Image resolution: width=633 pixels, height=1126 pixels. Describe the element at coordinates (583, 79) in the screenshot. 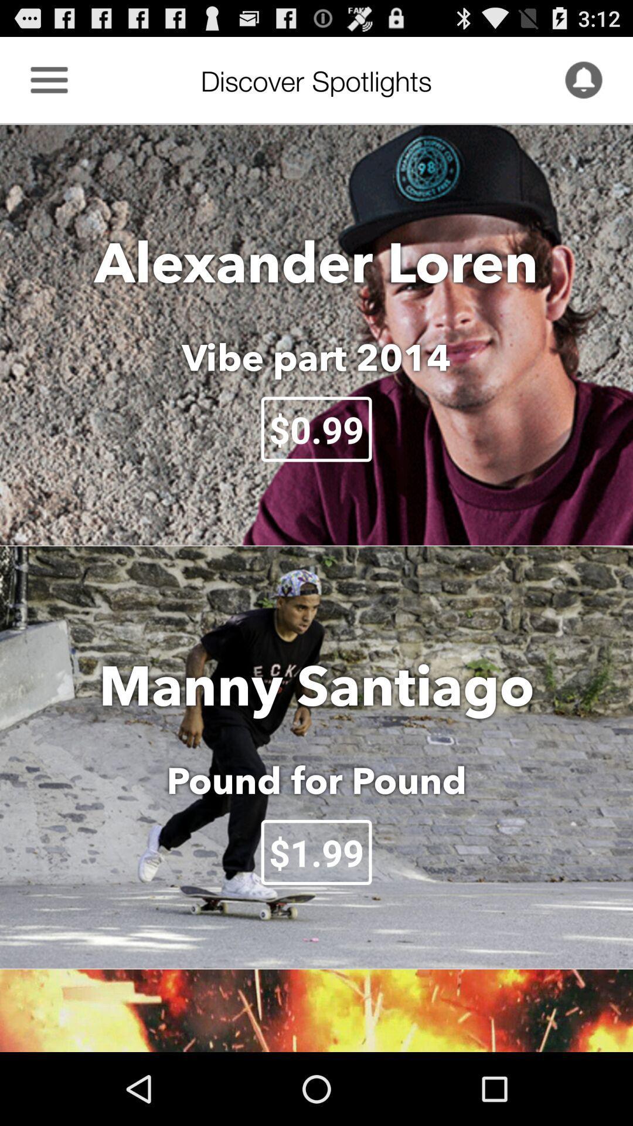

I see `snapchat` at that location.